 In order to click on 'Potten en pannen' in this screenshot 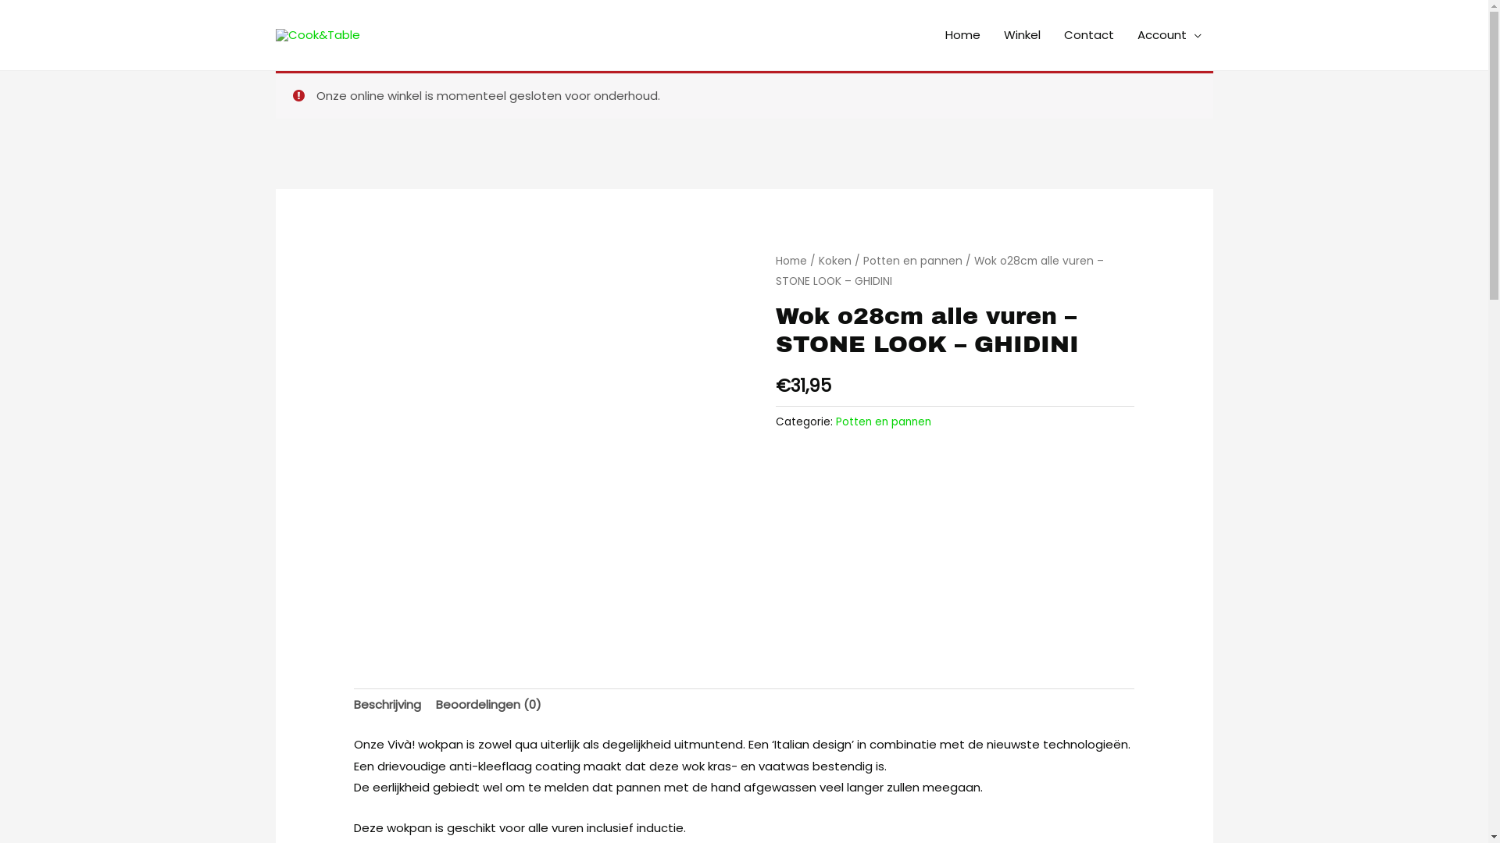, I will do `click(862, 260)`.